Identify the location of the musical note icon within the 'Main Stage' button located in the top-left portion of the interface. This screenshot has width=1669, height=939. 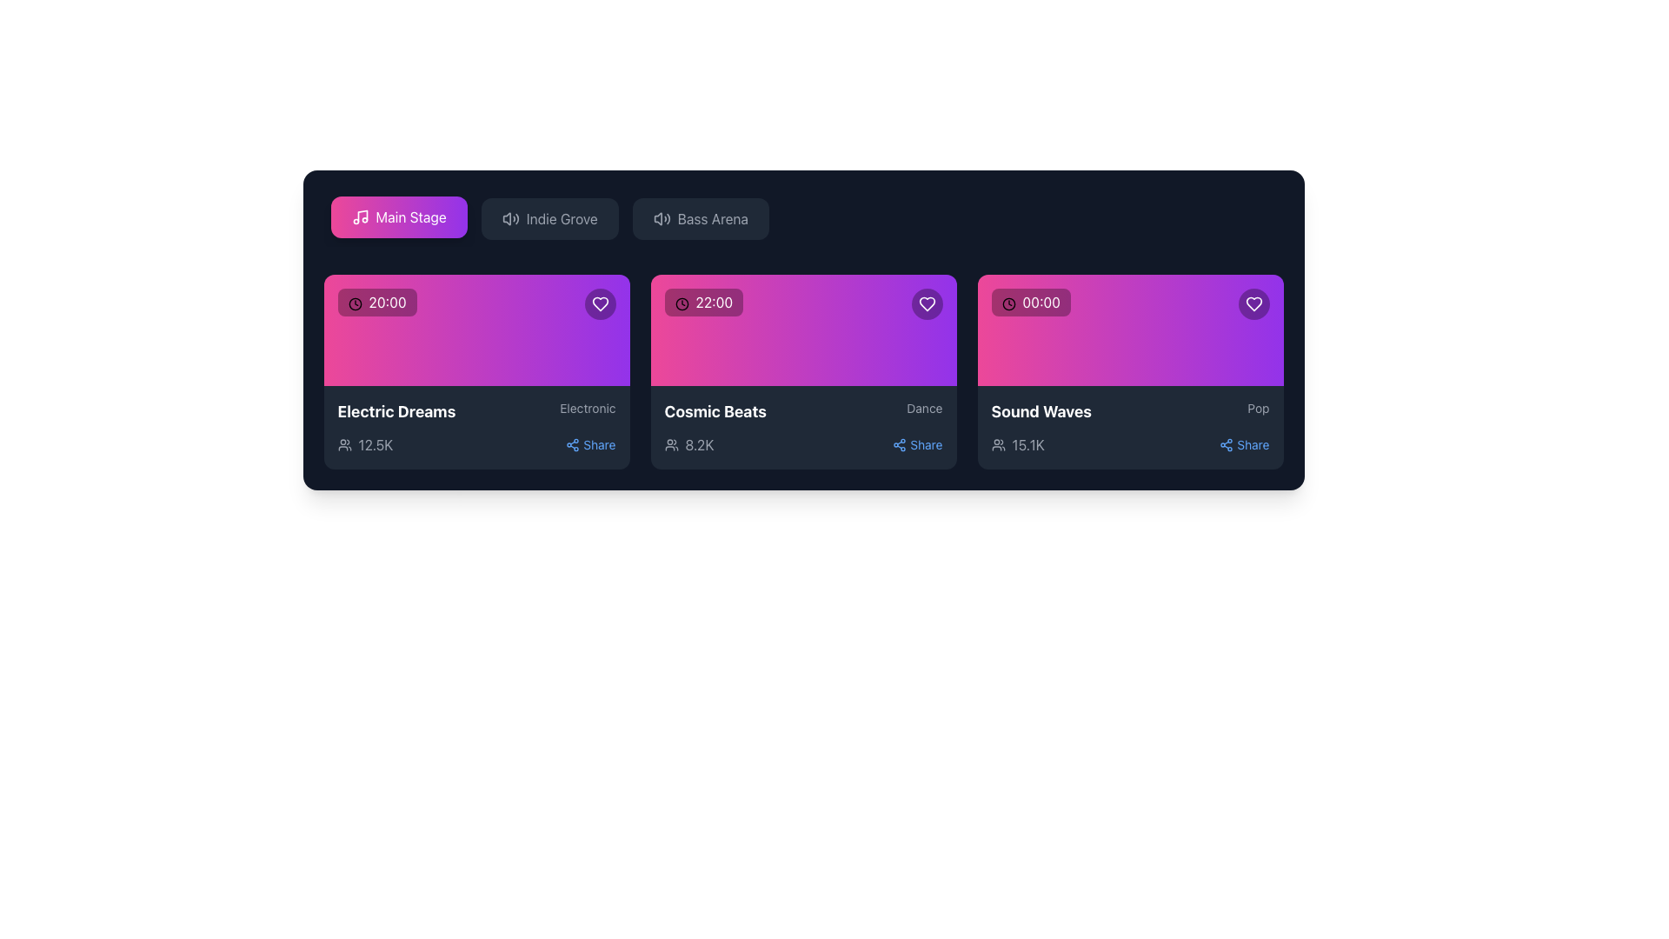
(359, 216).